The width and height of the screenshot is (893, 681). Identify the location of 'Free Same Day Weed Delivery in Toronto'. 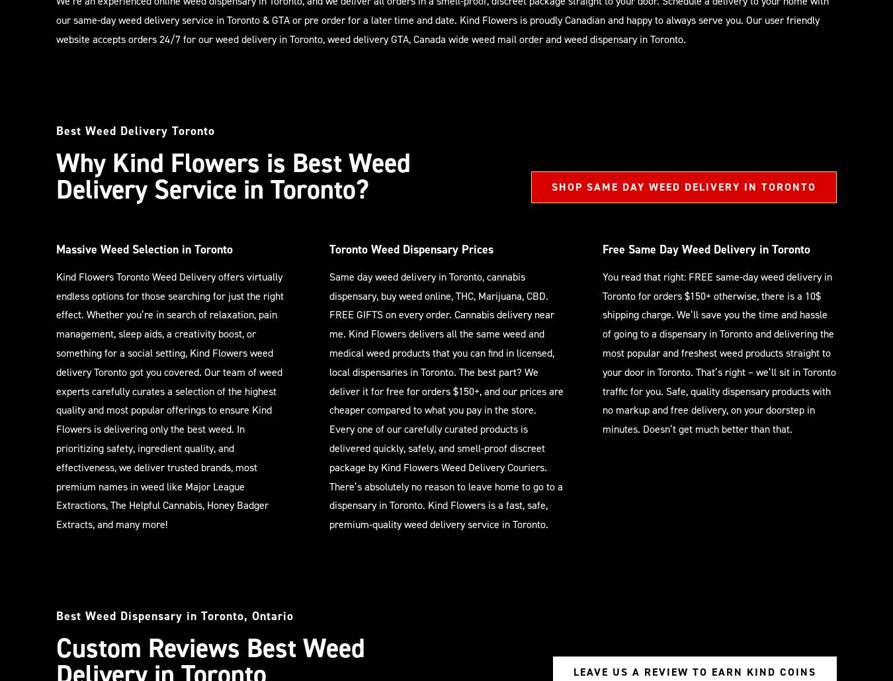
(706, 249).